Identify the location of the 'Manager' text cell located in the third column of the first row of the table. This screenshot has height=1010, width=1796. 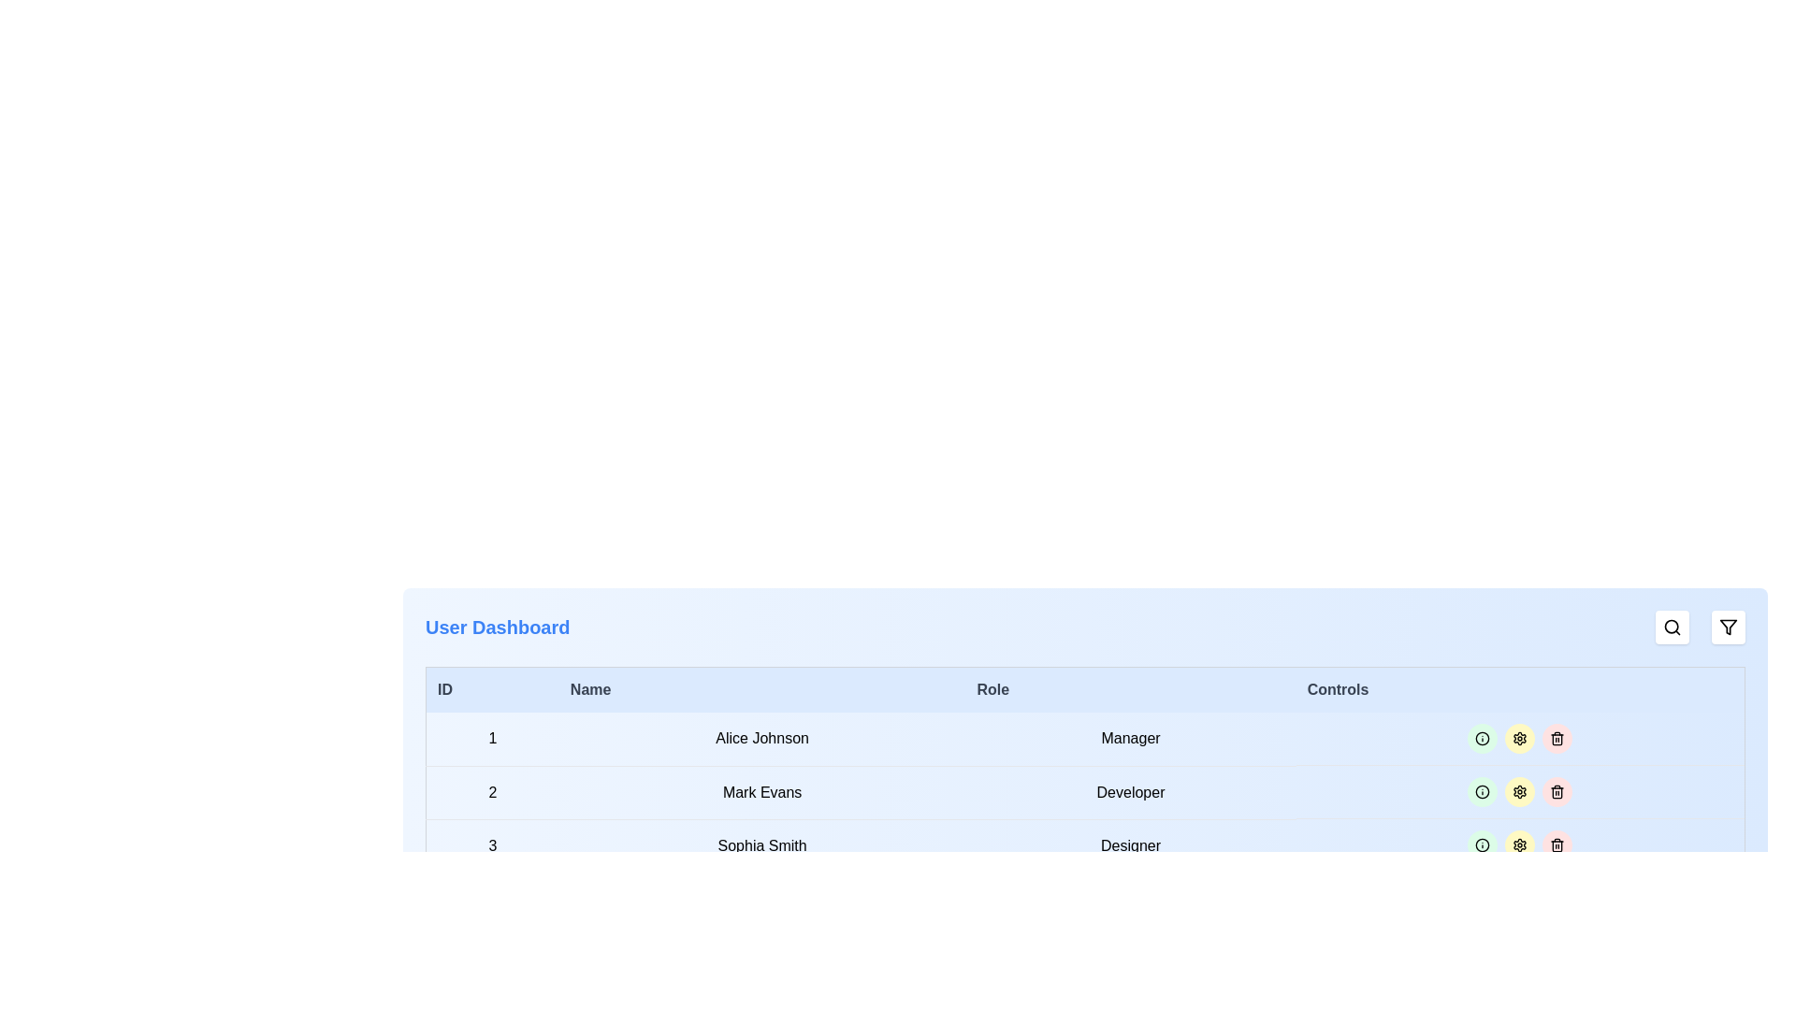
(1130, 738).